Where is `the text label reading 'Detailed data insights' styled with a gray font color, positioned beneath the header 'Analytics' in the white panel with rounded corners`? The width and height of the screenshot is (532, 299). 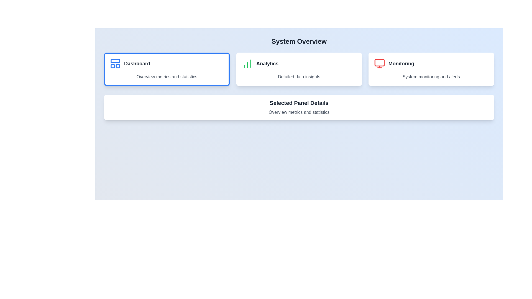 the text label reading 'Detailed data insights' styled with a gray font color, positioned beneath the header 'Analytics' in the white panel with rounded corners is located at coordinates (299, 77).